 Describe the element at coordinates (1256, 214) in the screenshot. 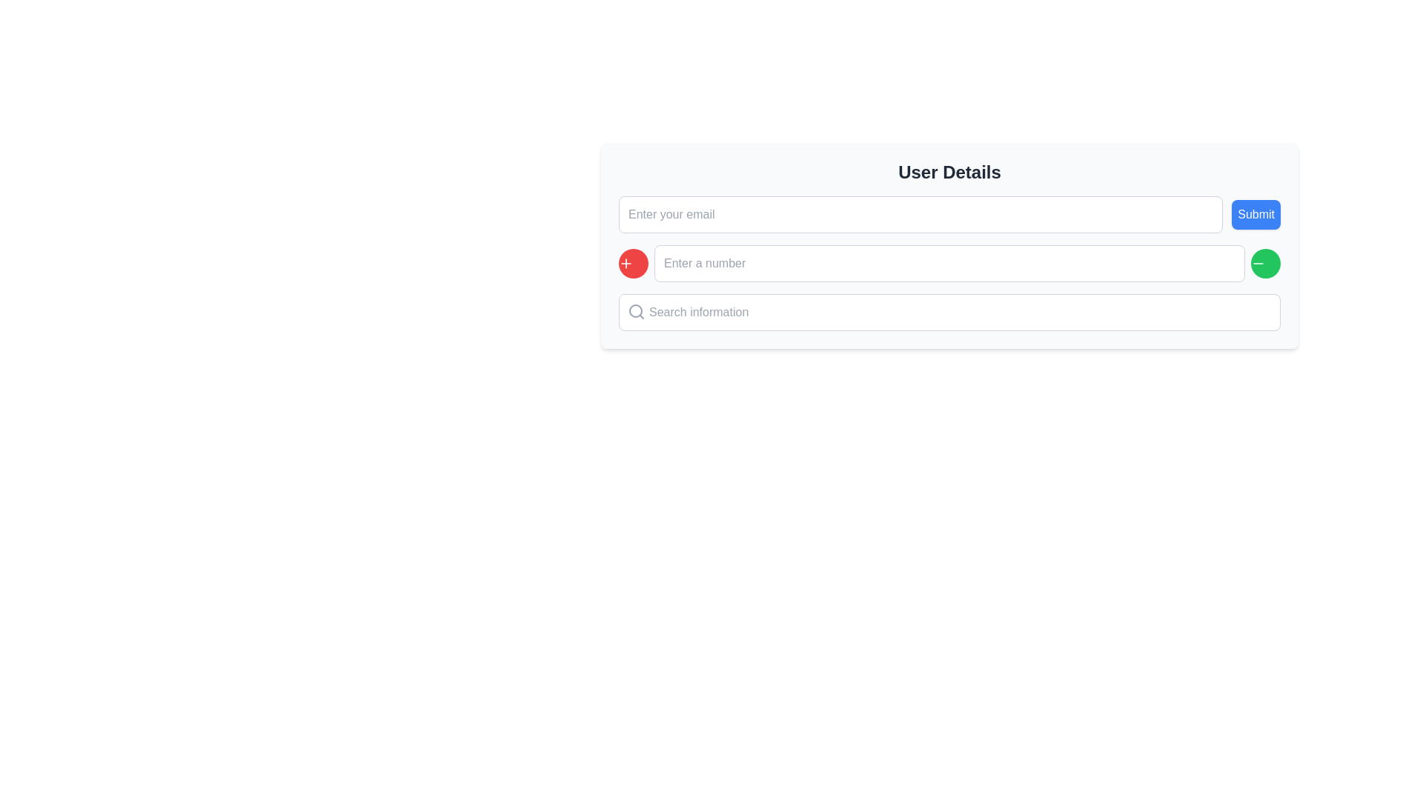

I see `the 'Submit' button, which is a blue rectangular button with rounded corners and white text, located at the top of the form adjacent to the email input field` at that location.